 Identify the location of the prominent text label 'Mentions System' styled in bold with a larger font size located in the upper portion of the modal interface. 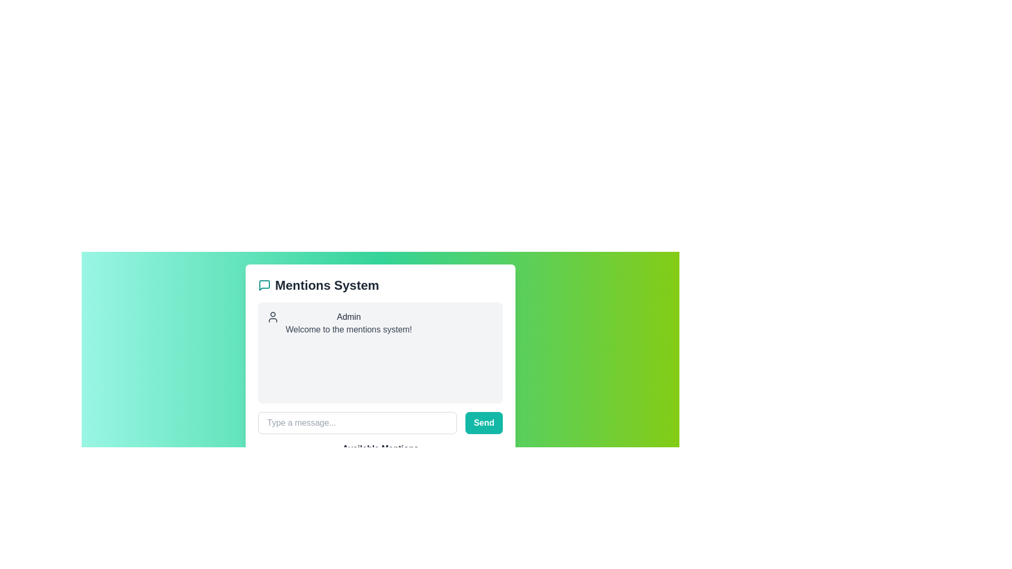
(326, 286).